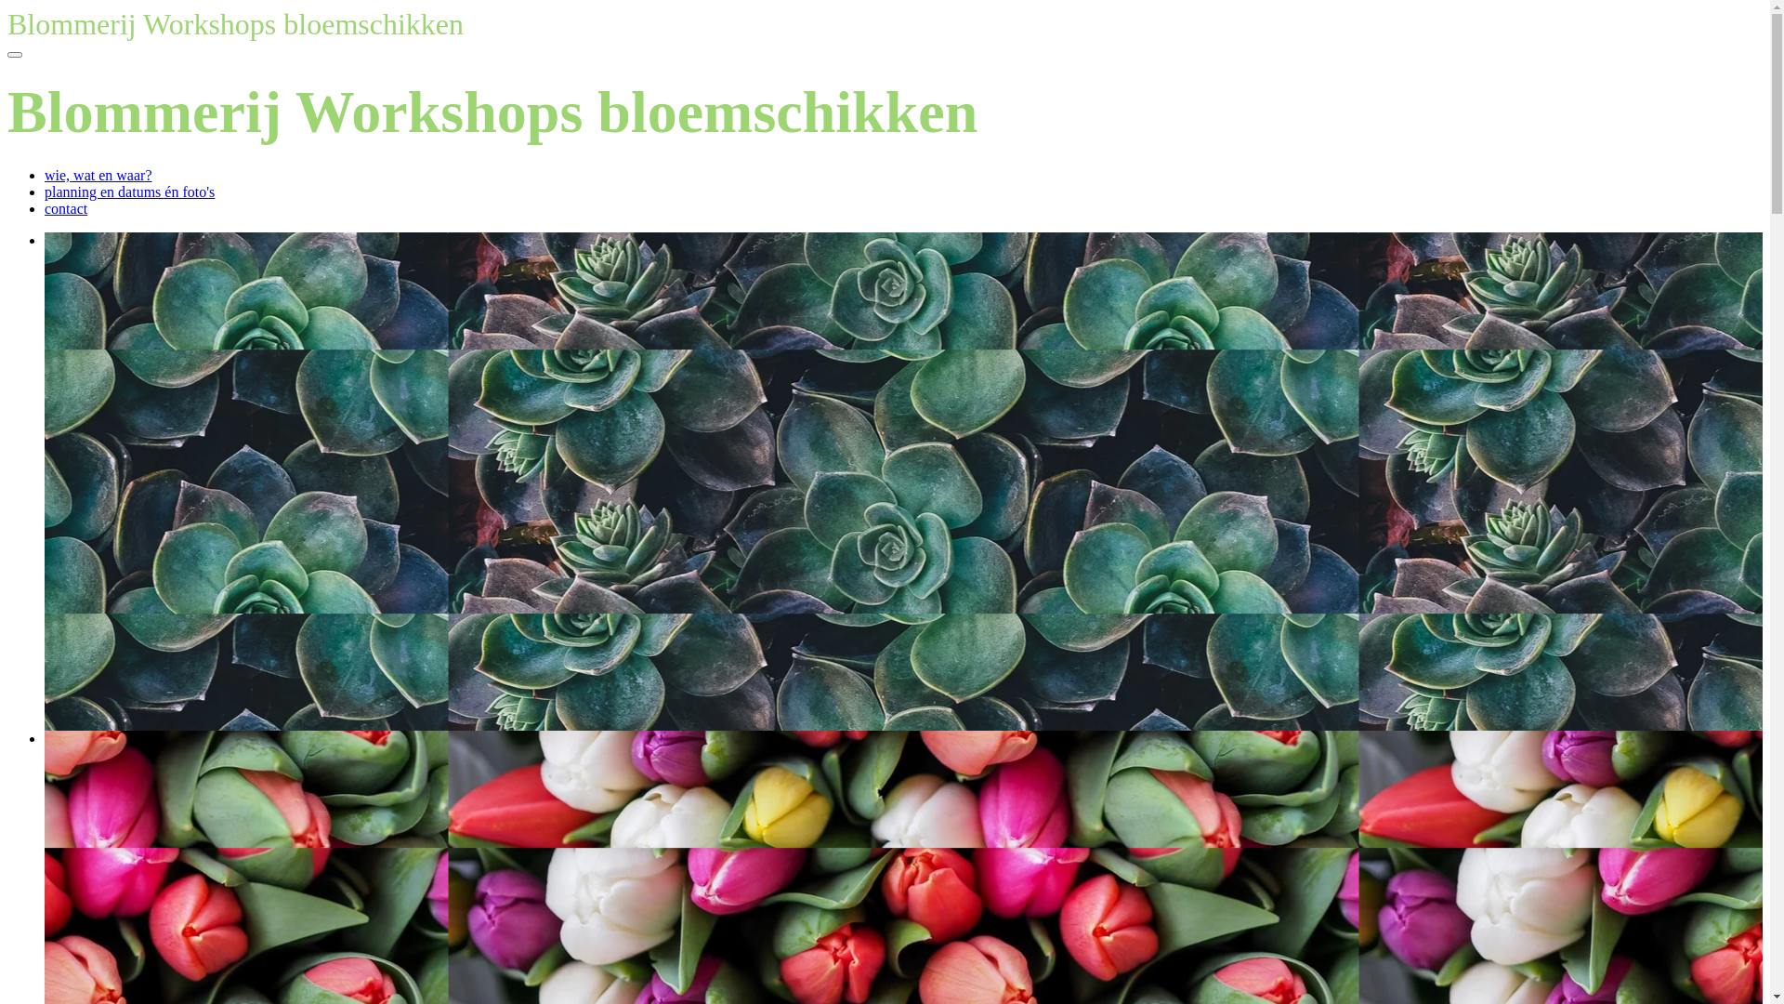 The width and height of the screenshot is (1784, 1004). What do you see at coordinates (66, 208) in the screenshot?
I see `'contact'` at bounding box center [66, 208].